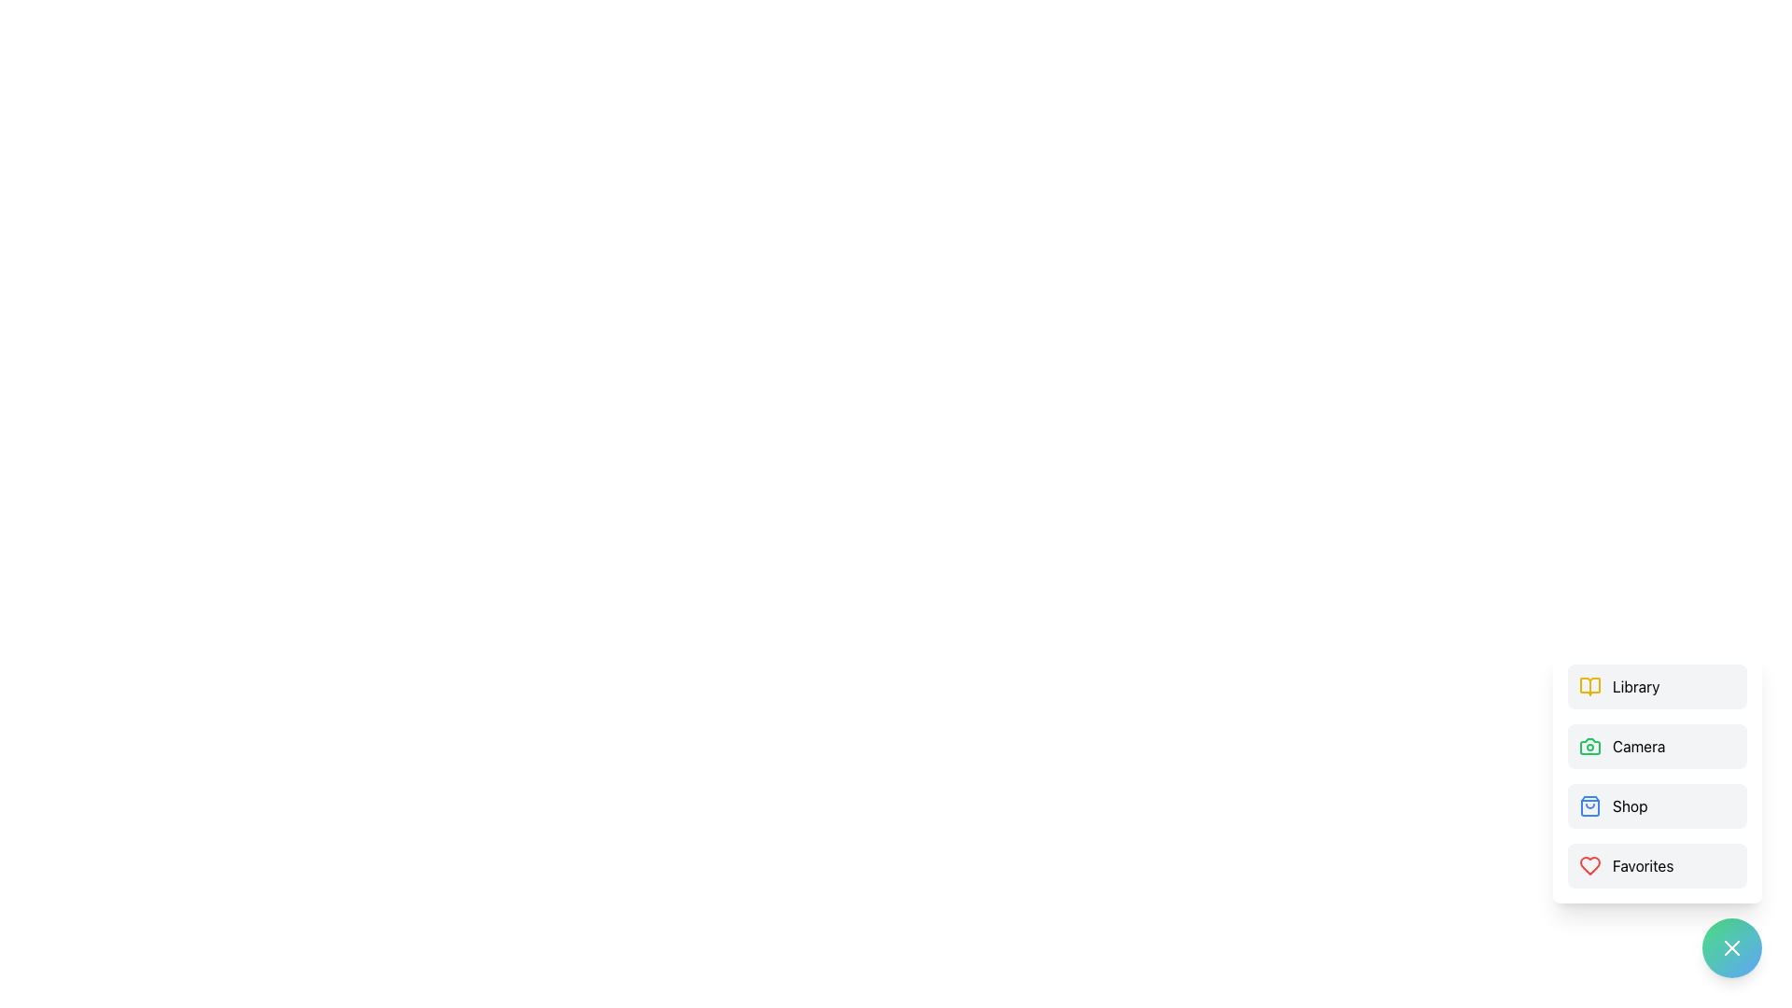 The image size is (1792, 1008). I want to click on the 'Shop' button located in the bottom-right corner of the interface, which is the third item in the vertical menu, so click(1658, 805).